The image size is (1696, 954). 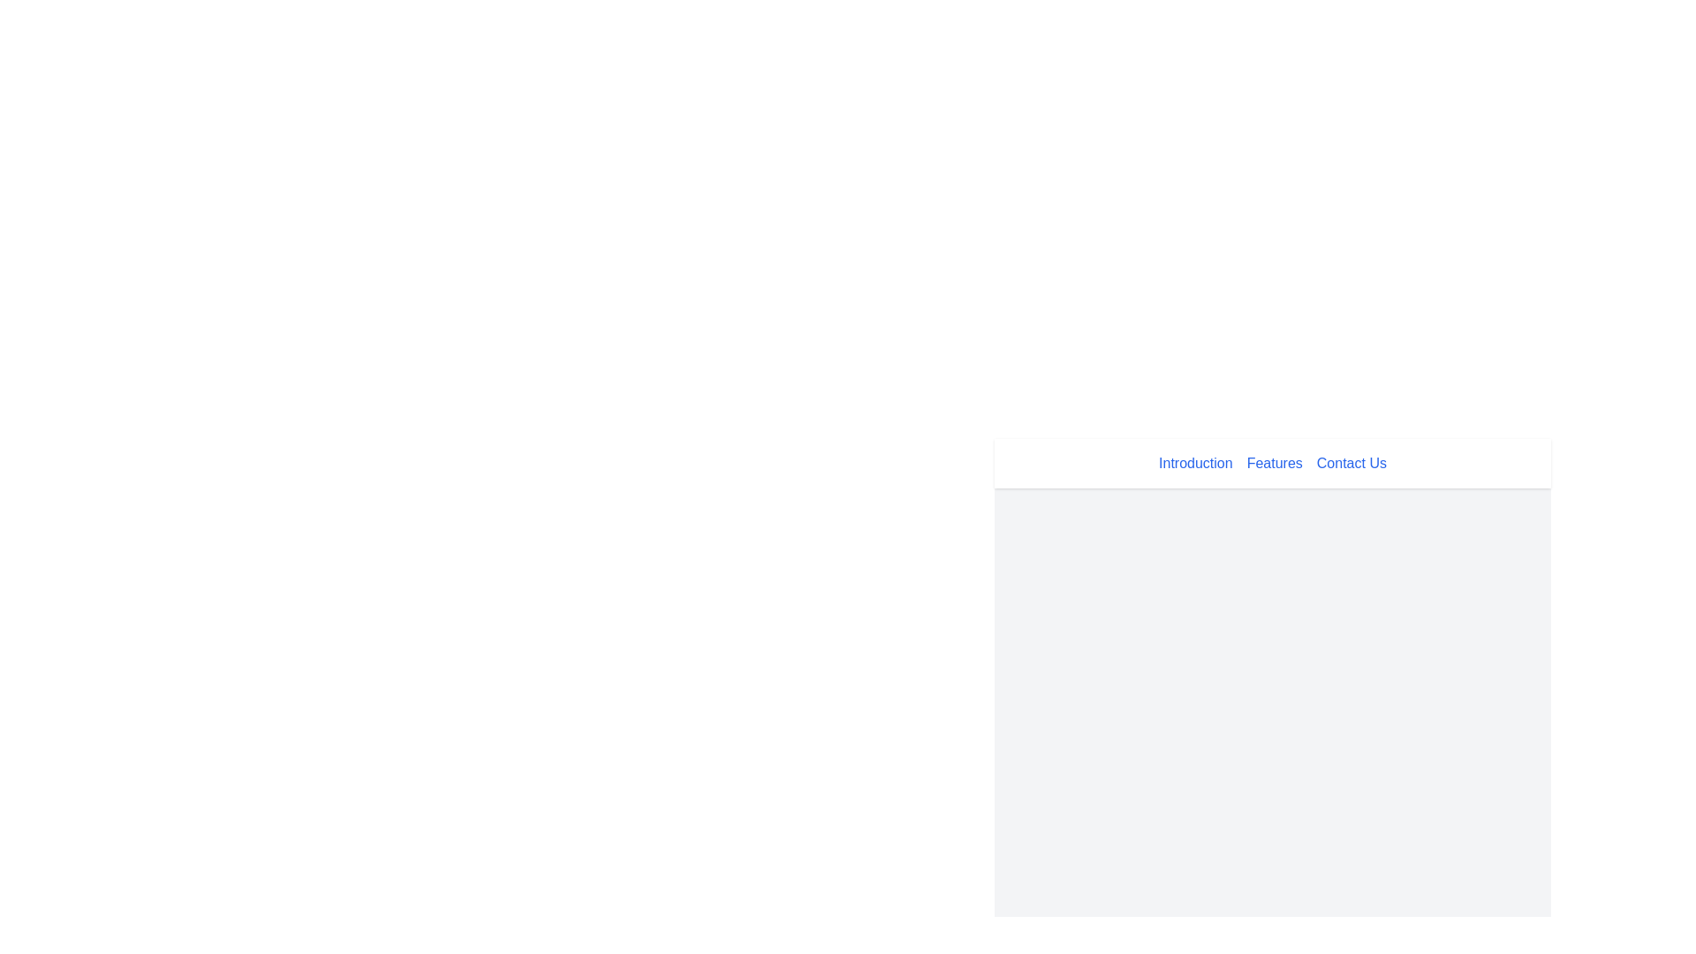 I want to click on the 'Introduction' hyperlink text located in the horizontal navigation bar, so click(x=1195, y=462).